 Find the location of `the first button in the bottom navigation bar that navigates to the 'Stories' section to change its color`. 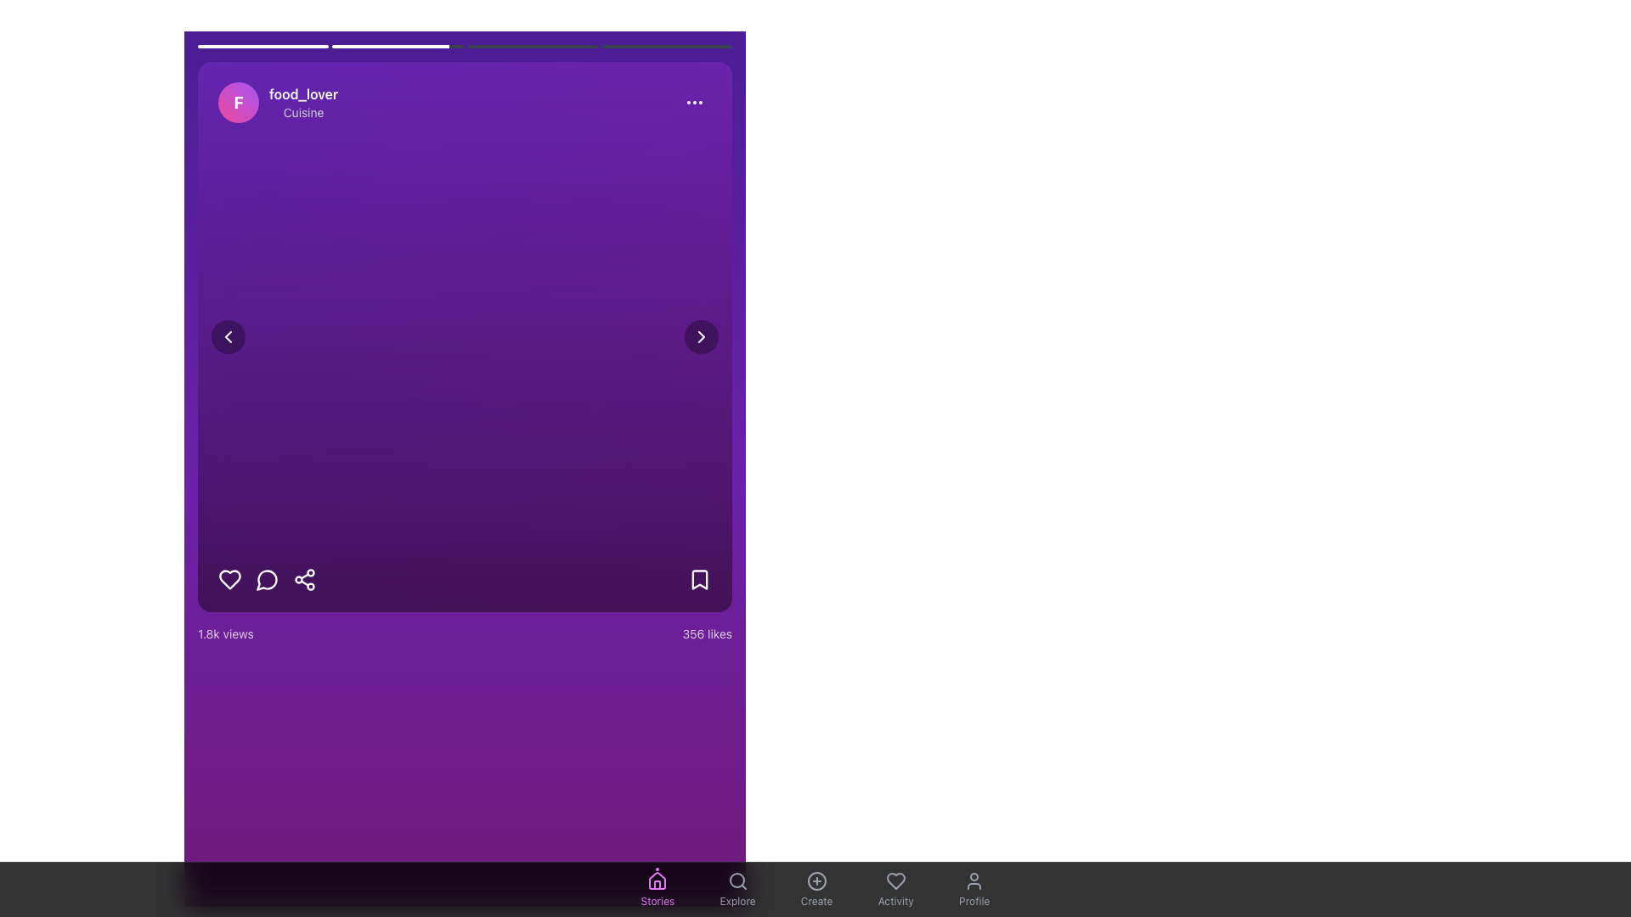

the first button in the bottom navigation bar that navigates to the 'Stories' section to change its color is located at coordinates (657, 889).